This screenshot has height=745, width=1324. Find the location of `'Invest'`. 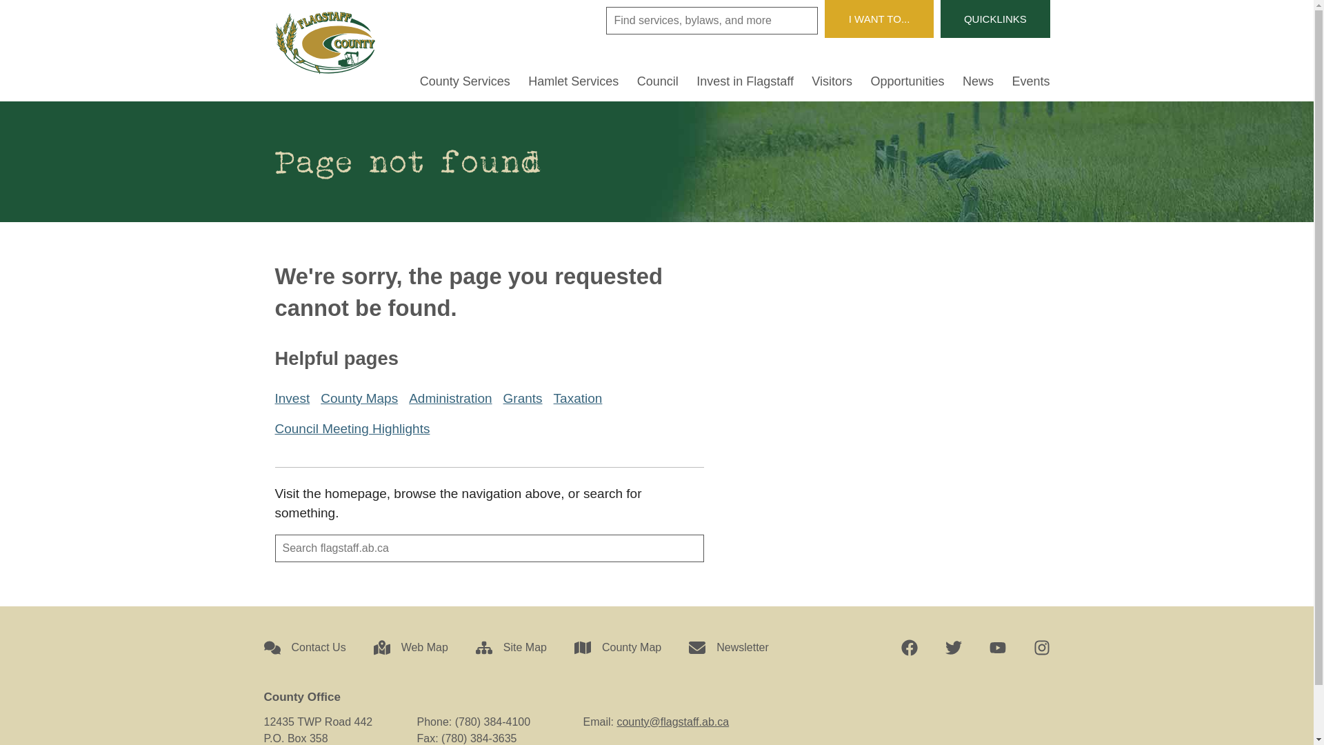

'Invest' is located at coordinates (274, 398).